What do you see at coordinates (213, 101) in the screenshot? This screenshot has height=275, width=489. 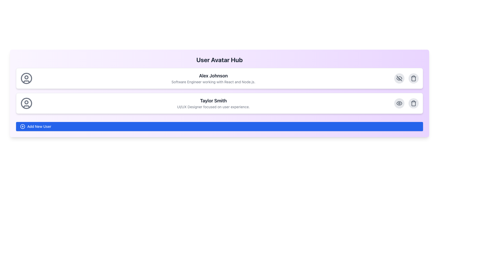 I see `the Text Label displaying 'Taylor Smith', which serves as a header for the associated content` at bounding box center [213, 101].